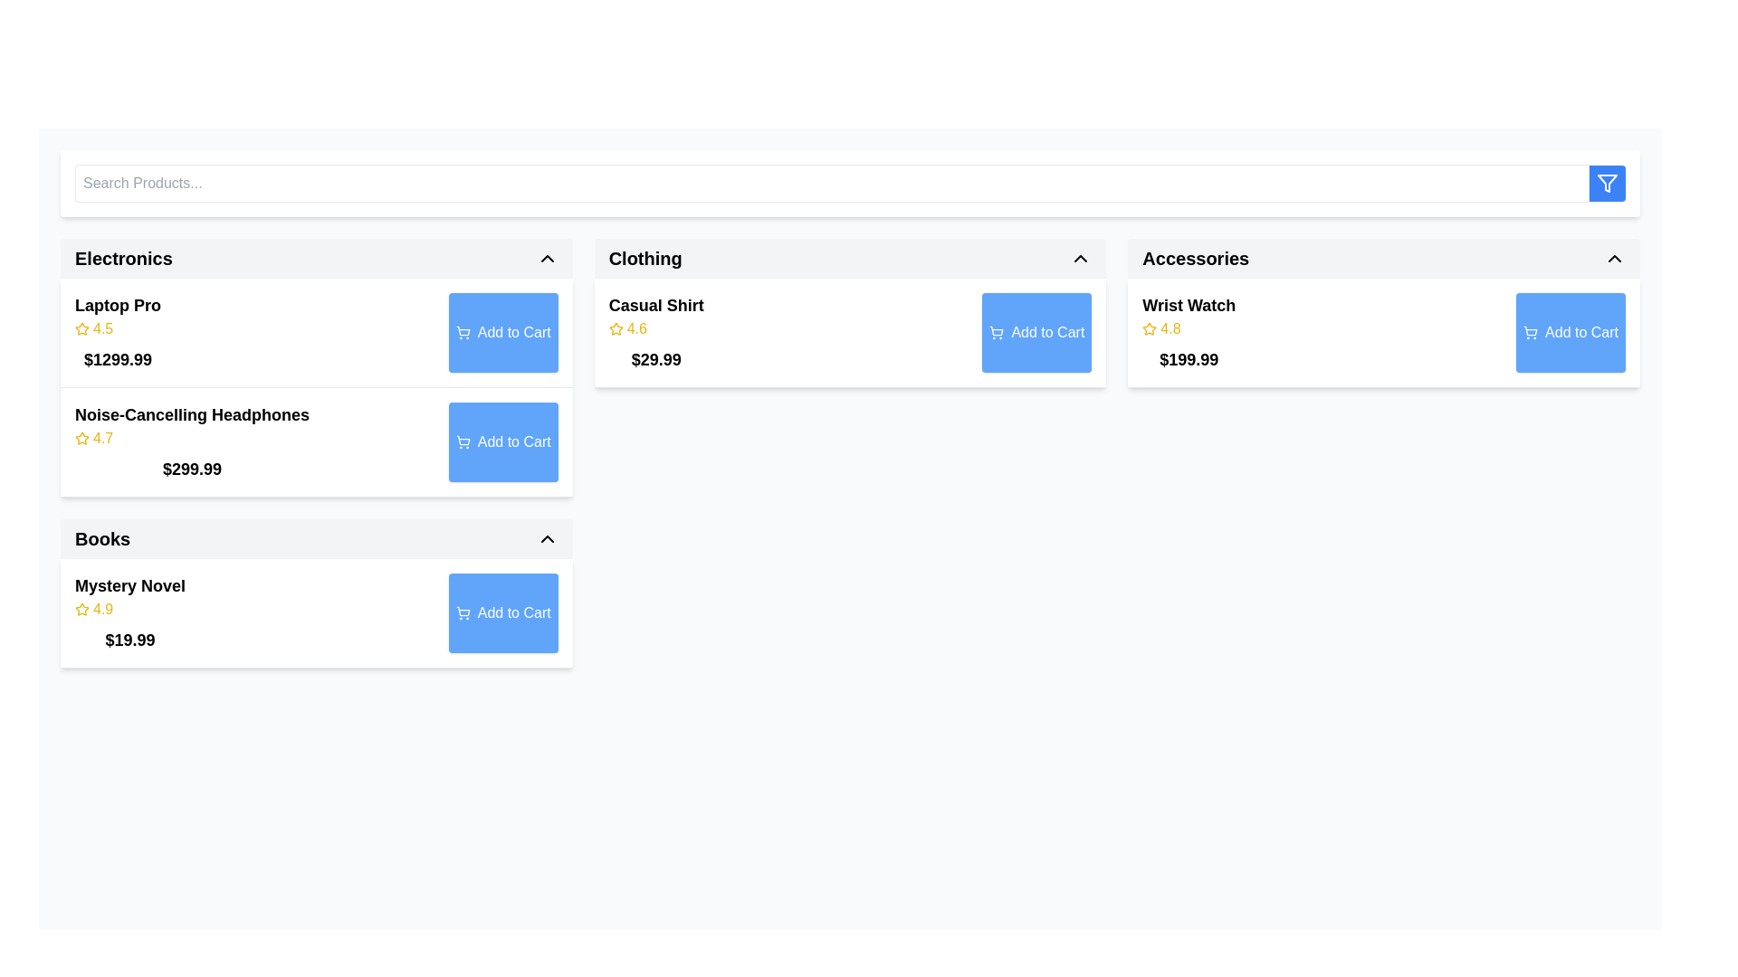 Image resolution: width=1738 pixels, height=977 pixels. What do you see at coordinates (996, 331) in the screenshot?
I see `the shopping cart icon inside the 'Add to Cart' button for the 'Casual Shirt' product in the second row, first column of the product grid` at bounding box center [996, 331].